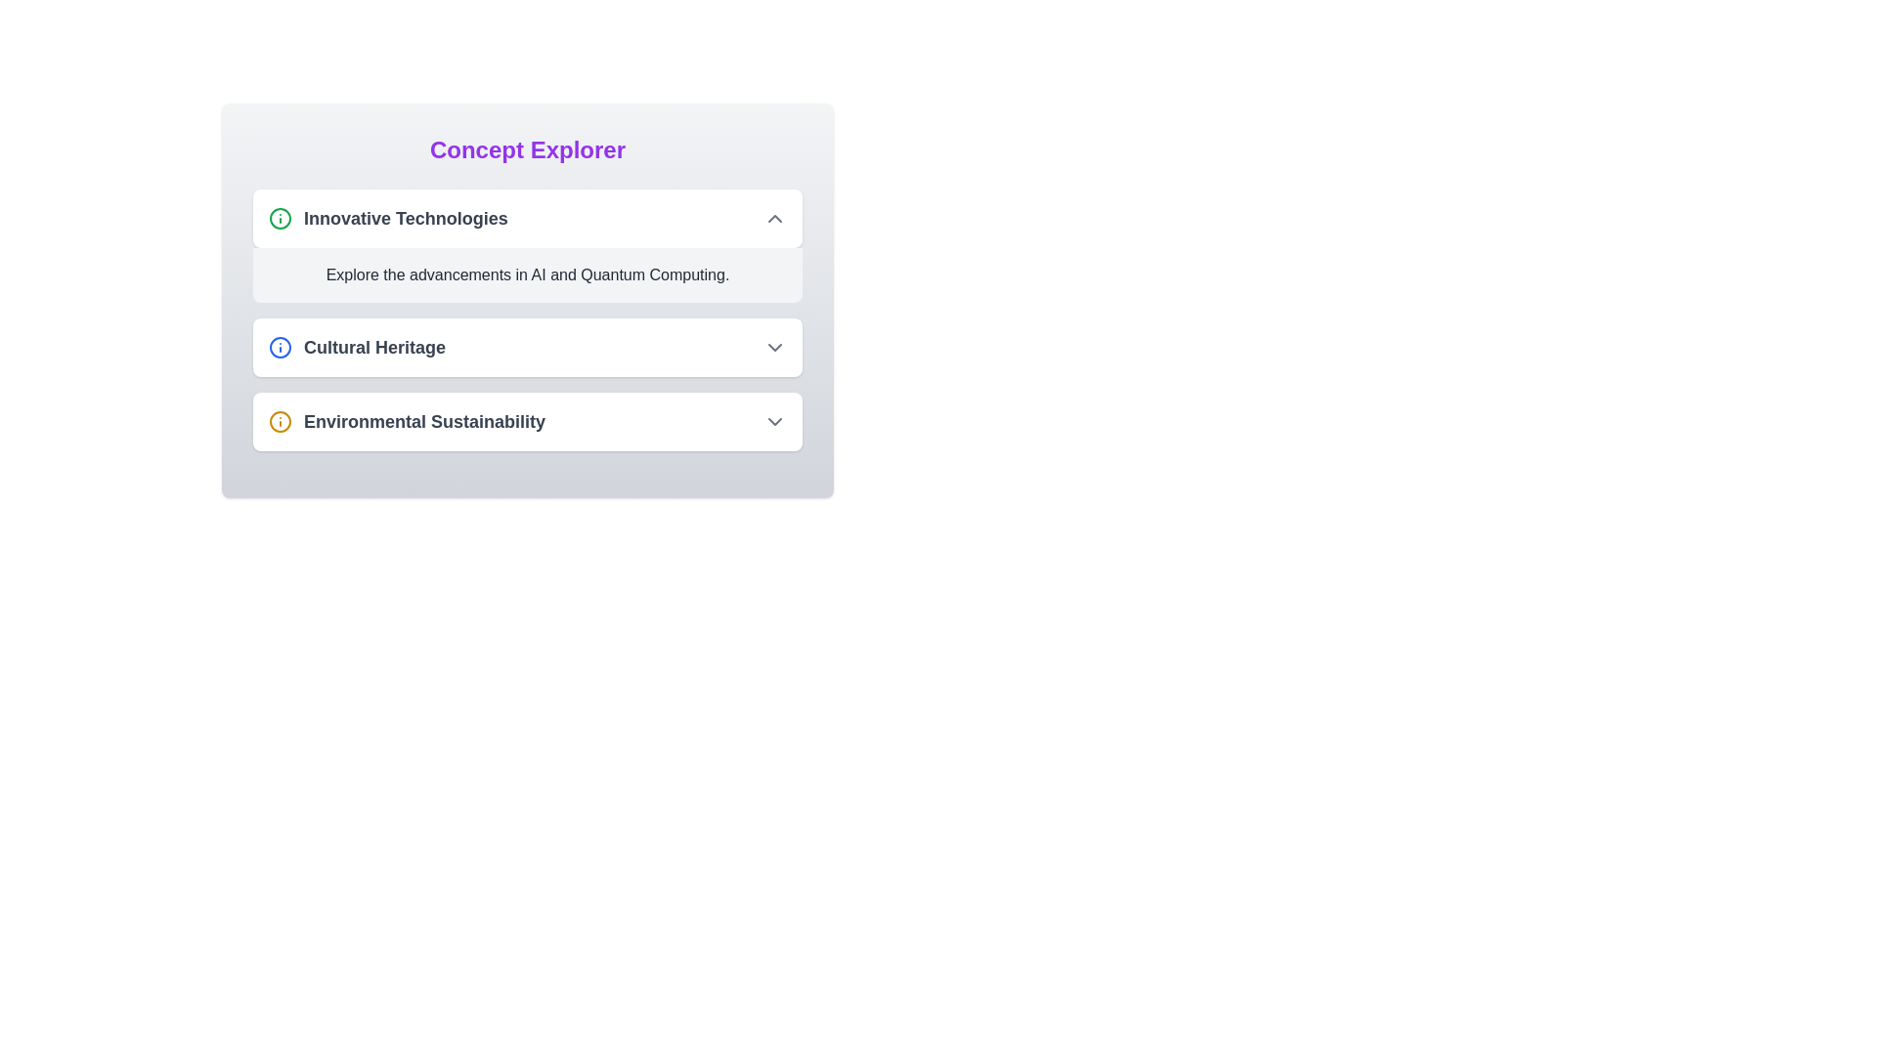 This screenshot has width=1877, height=1055. What do you see at coordinates (357, 346) in the screenshot?
I see `the 'Cultural Heritage' label which is styled in gray and accompanied by a blue circular icon with an 'i' symbol, located in the second section under 'Concept Explorer'` at bounding box center [357, 346].